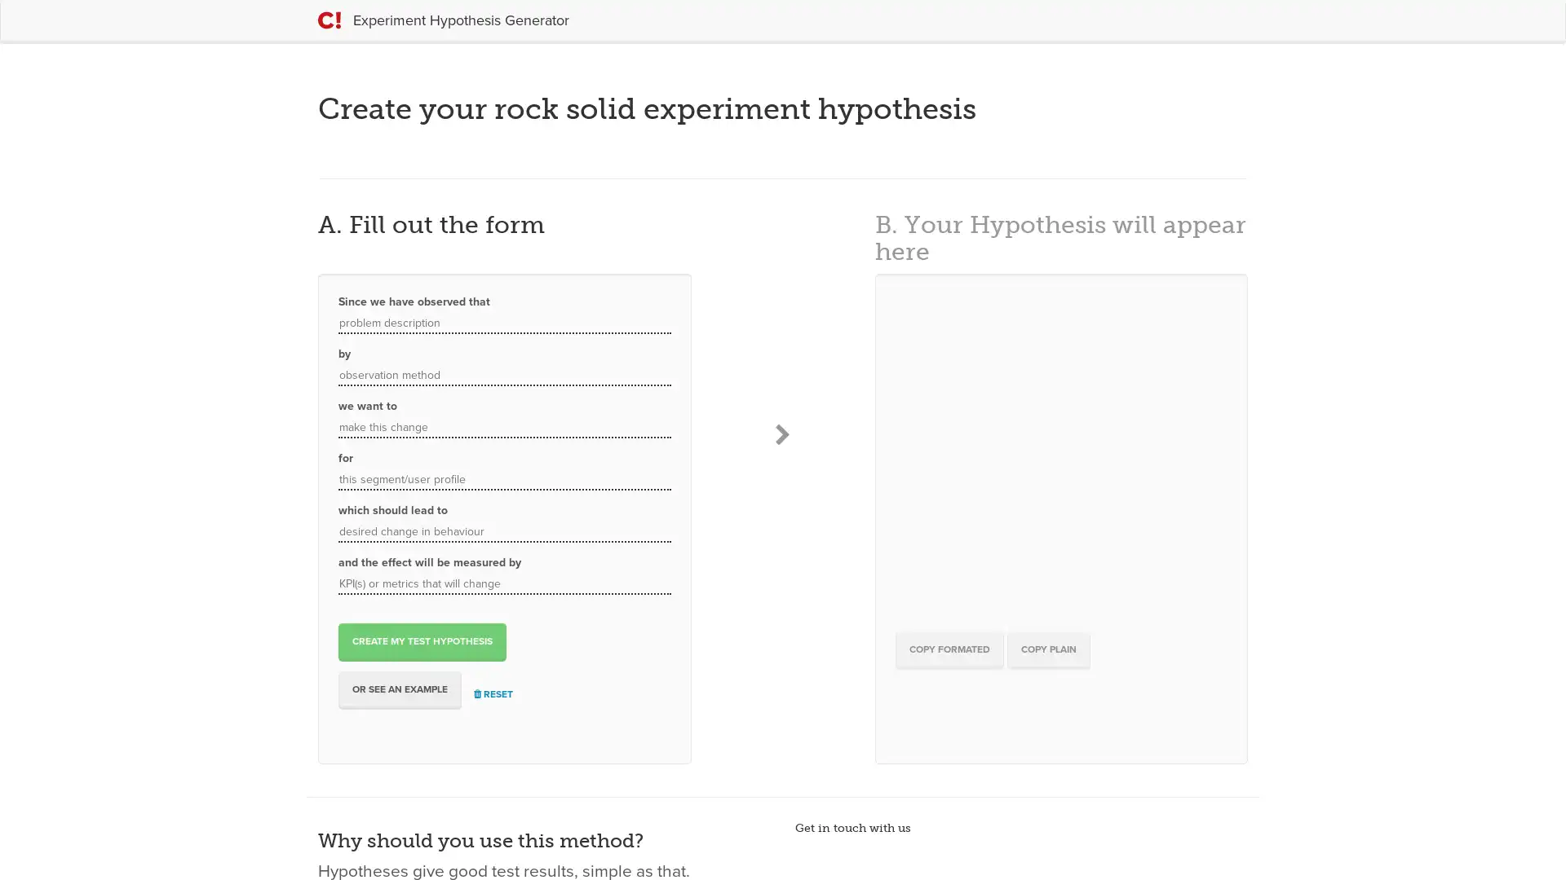 The height and width of the screenshot is (880, 1566). What do you see at coordinates (400, 689) in the screenshot?
I see `OR SEE AN EXAMPLE` at bounding box center [400, 689].